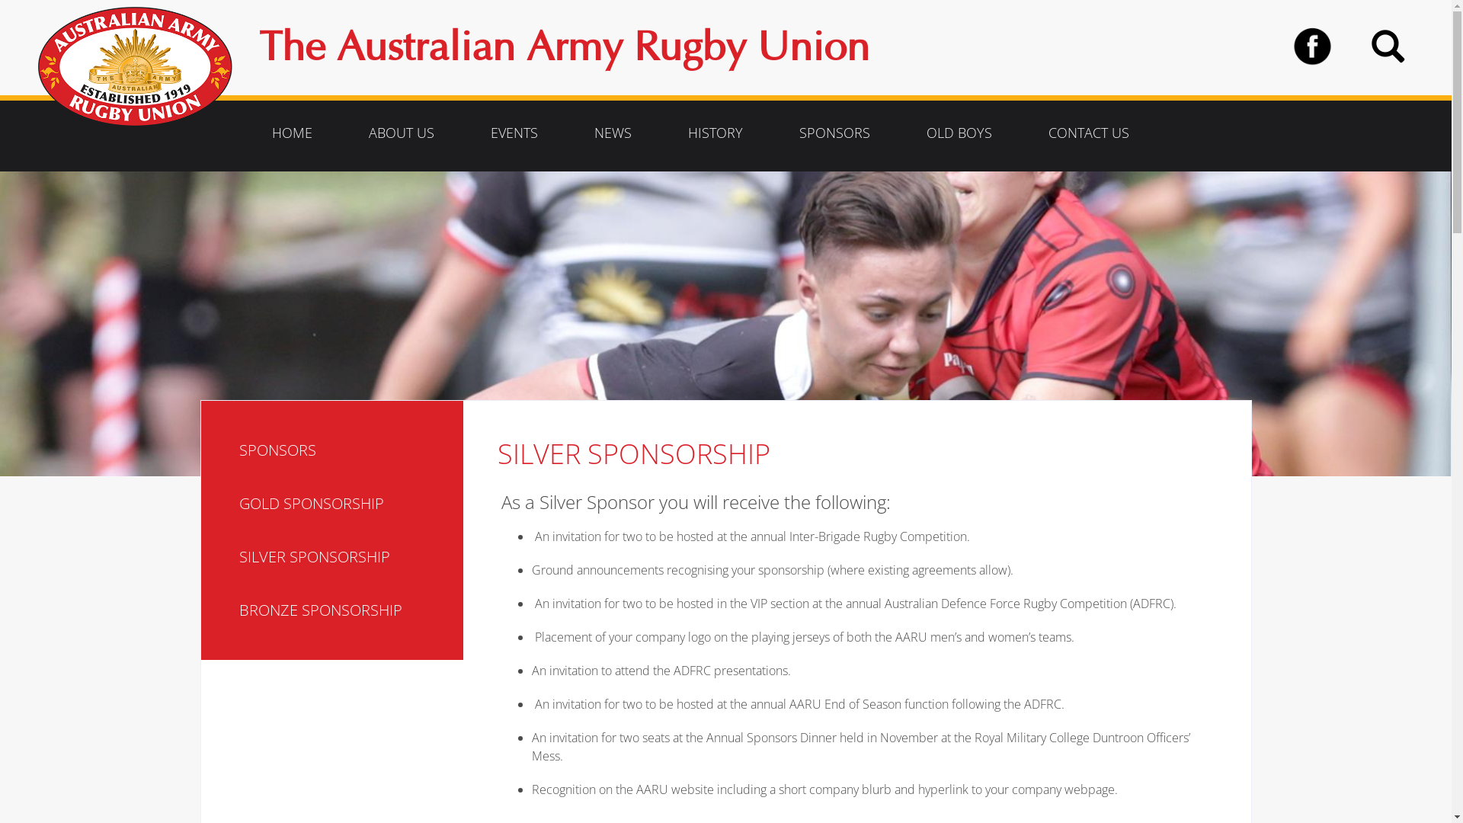 The image size is (1463, 823). What do you see at coordinates (1027, 131) in the screenshot?
I see `'CONTACT US'` at bounding box center [1027, 131].